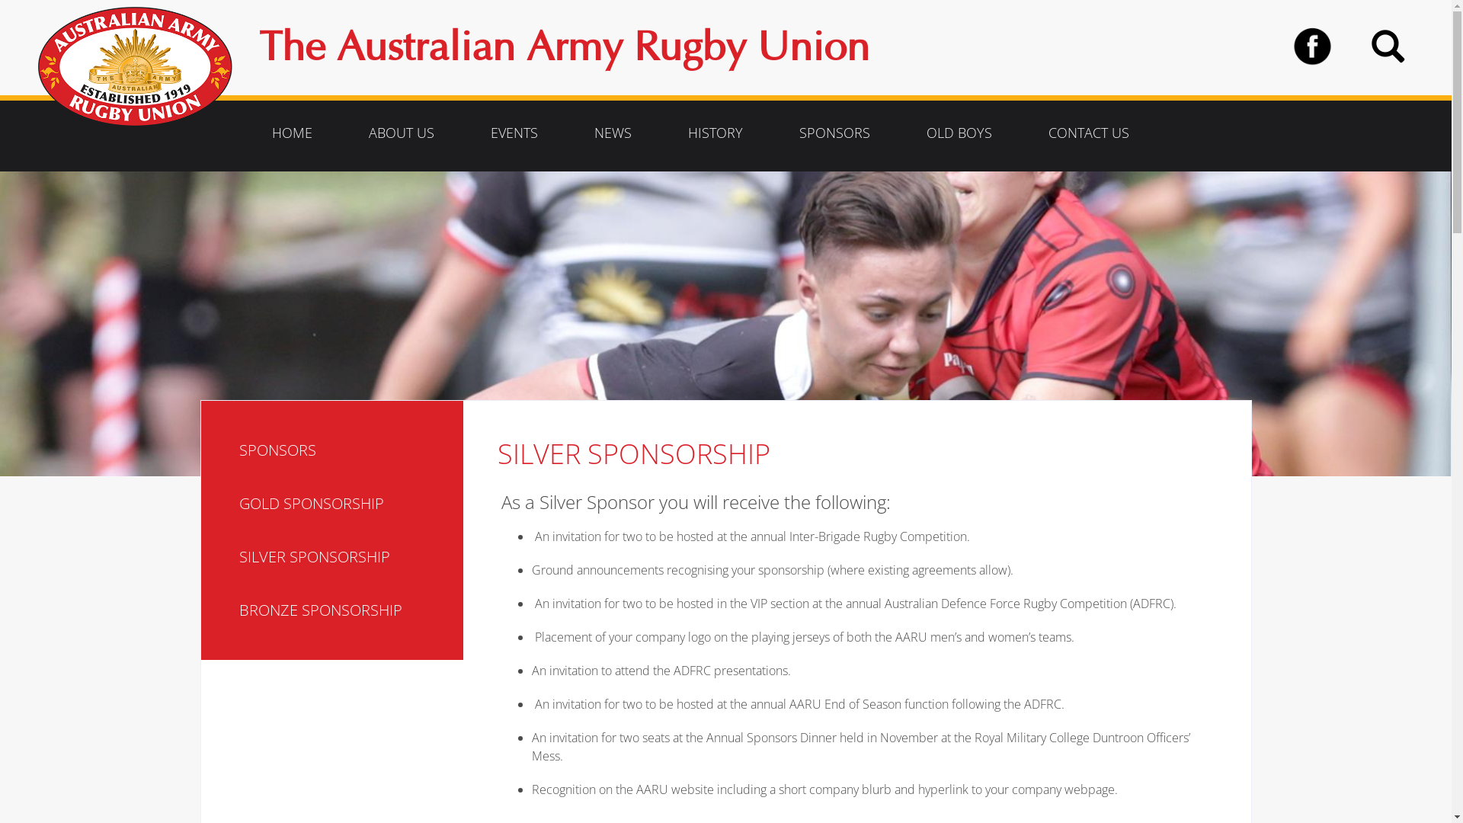 The image size is (1463, 823). What do you see at coordinates (1027, 131) in the screenshot?
I see `'CONTACT US'` at bounding box center [1027, 131].